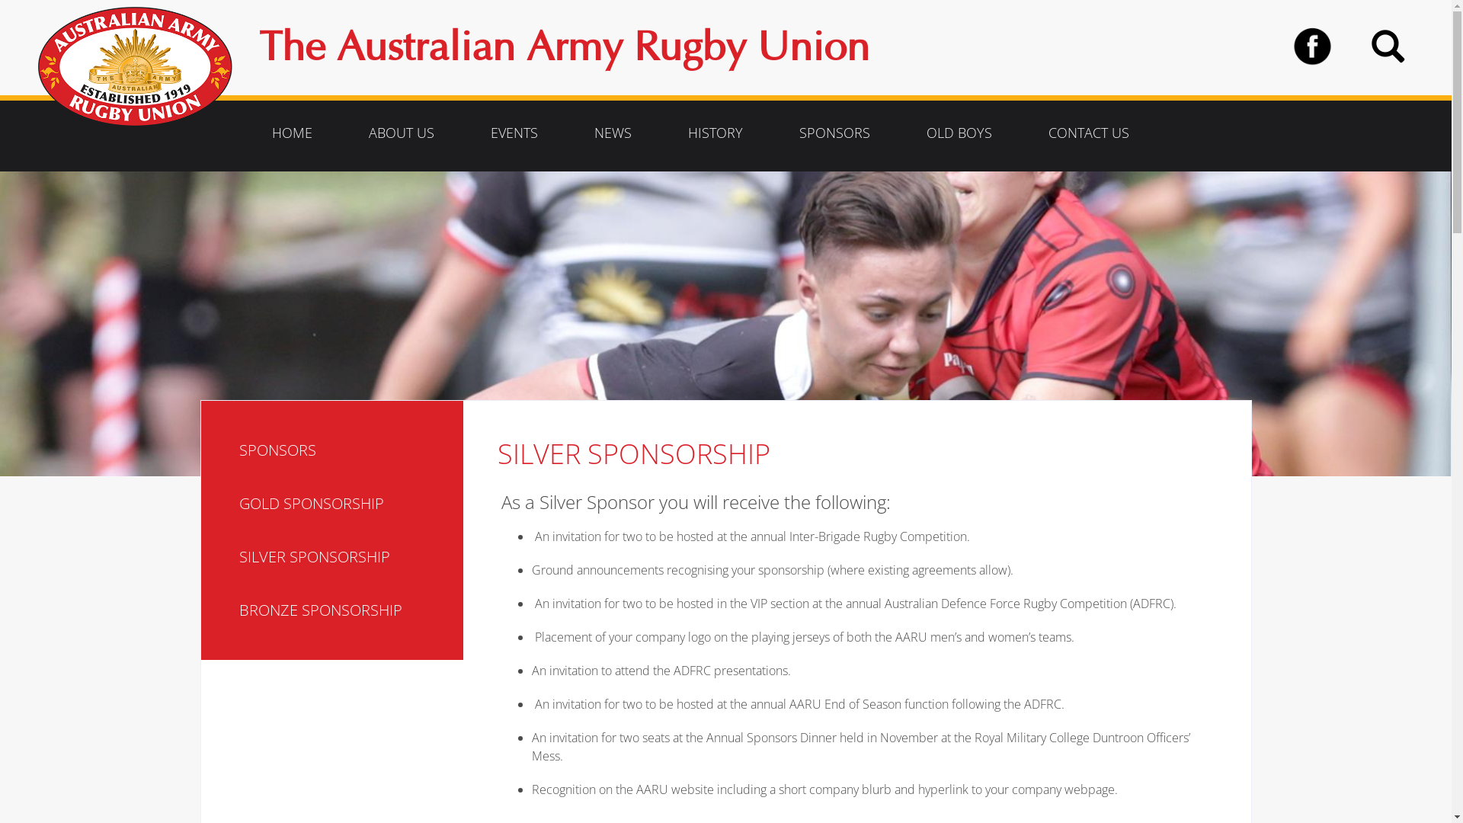 The image size is (1463, 823). What do you see at coordinates (1027, 131) in the screenshot?
I see `'CONTACT US'` at bounding box center [1027, 131].